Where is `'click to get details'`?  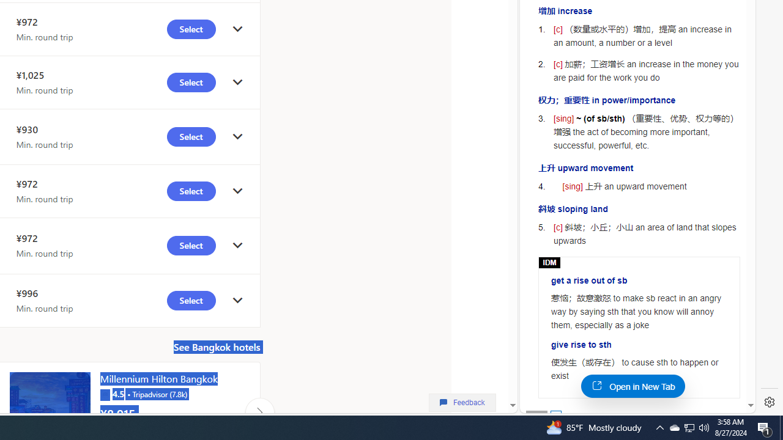 'click to get details' is located at coordinates (237, 300).